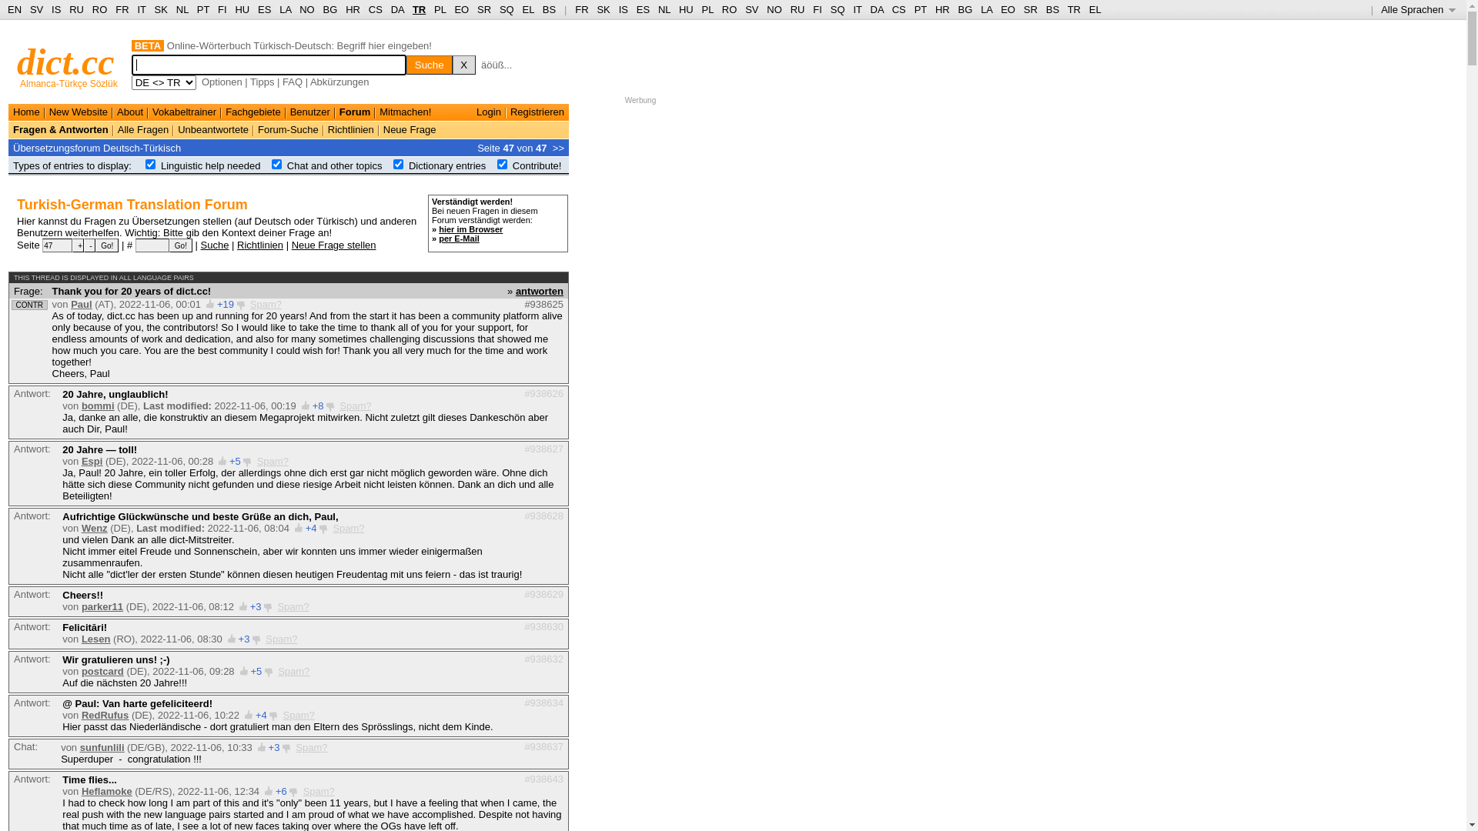 This screenshot has height=831, width=1478. I want to click on 'Wenz', so click(94, 527).